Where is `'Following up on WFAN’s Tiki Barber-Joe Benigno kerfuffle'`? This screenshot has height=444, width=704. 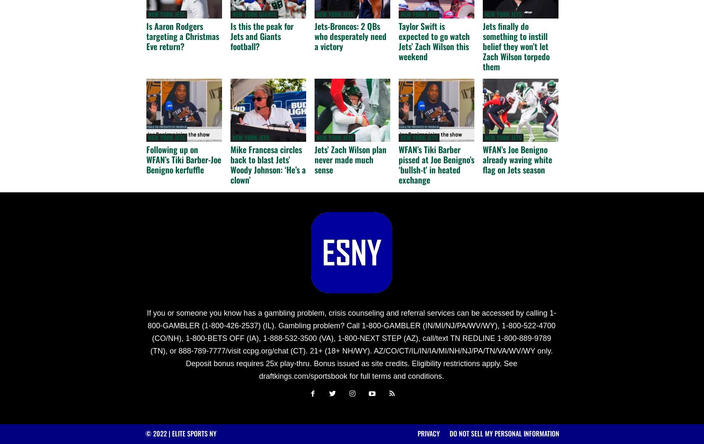
'Following up on WFAN’s Tiki Barber-Joe Benigno kerfuffle' is located at coordinates (146, 159).